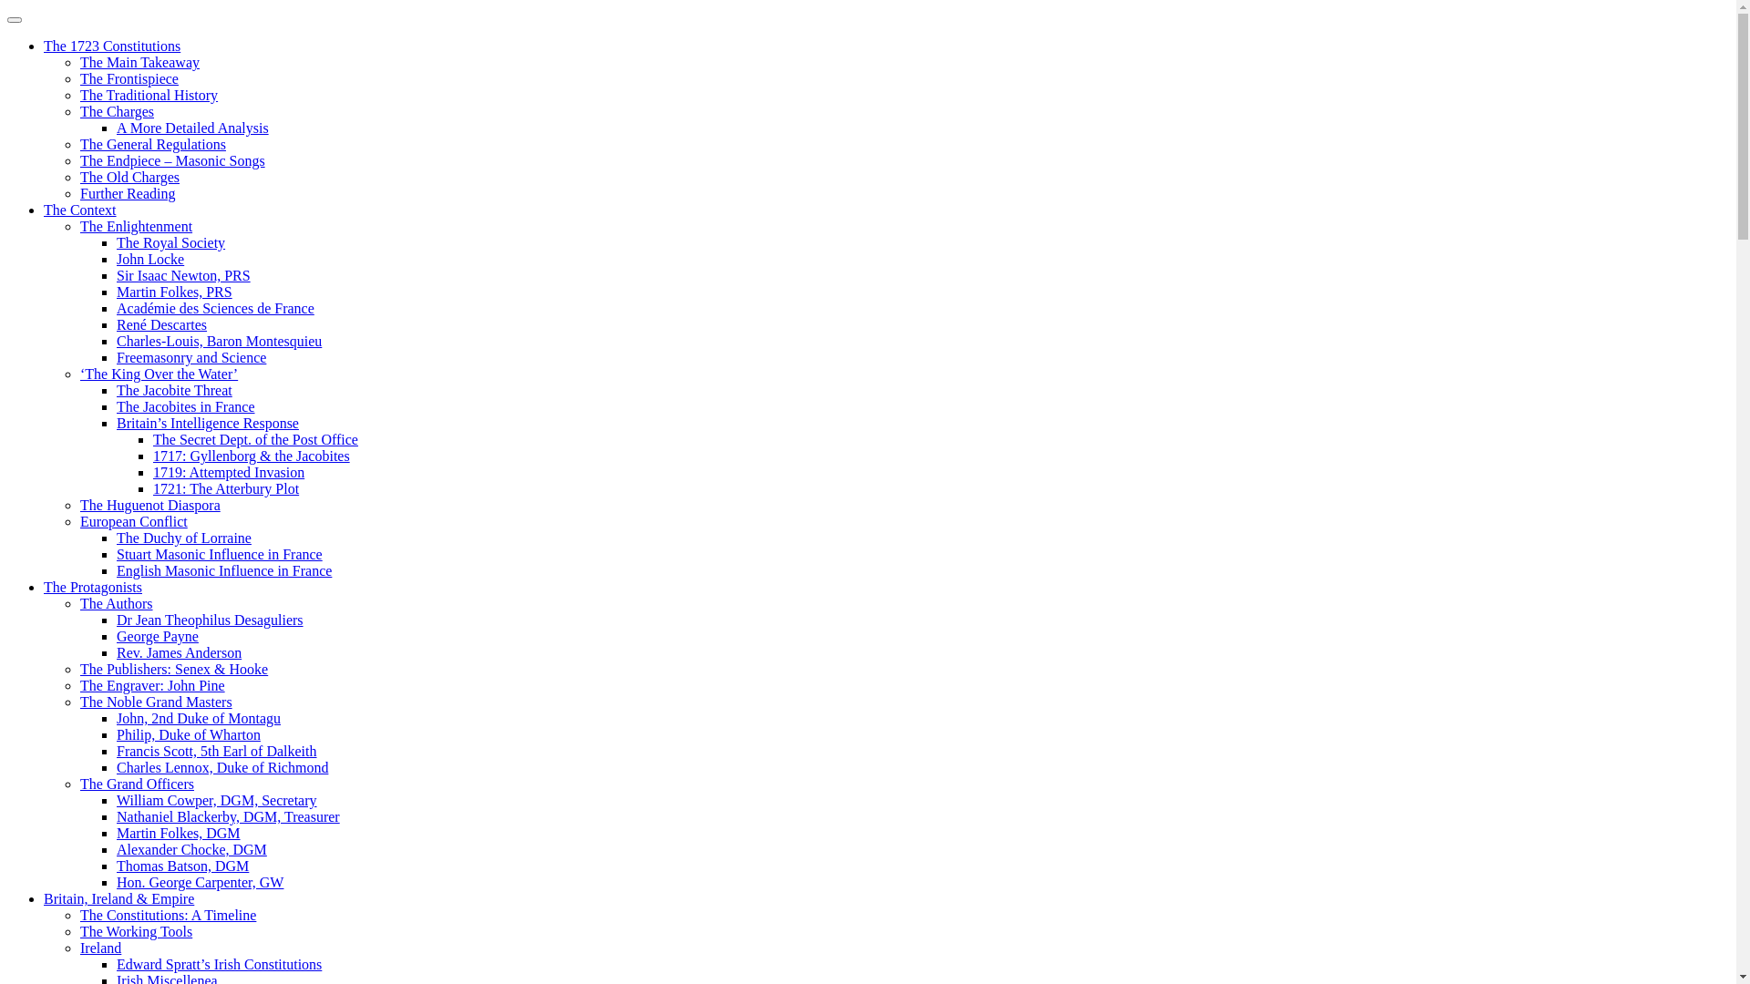 Image resolution: width=1750 pixels, height=984 pixels. Describe the element at coordinates (116, 849) in the screenshot. I see `'Alexander Chocke, DGM'` at that location.